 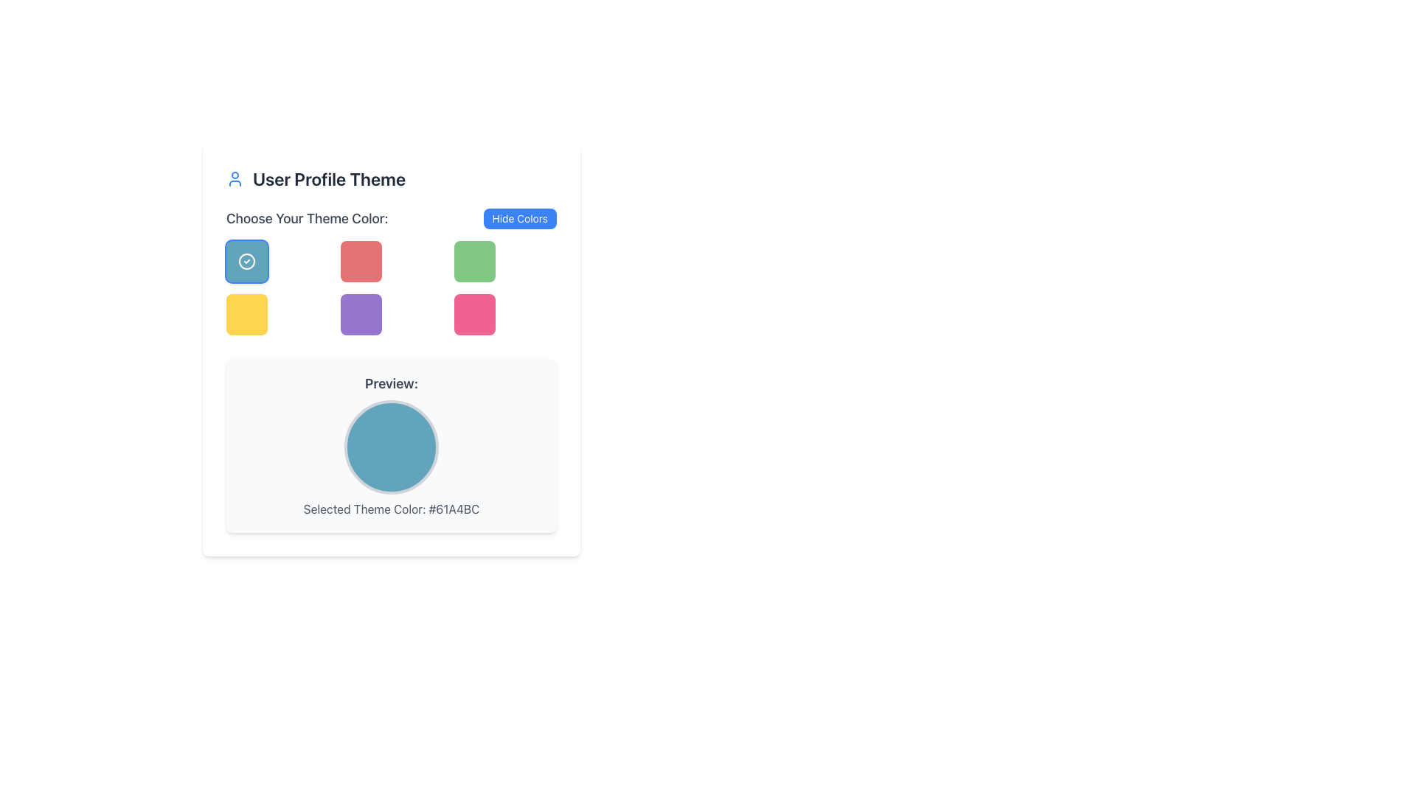 I want to click on the 'Hide Colors' button located in the top-right section of the interface, so click(x=520, y=219).